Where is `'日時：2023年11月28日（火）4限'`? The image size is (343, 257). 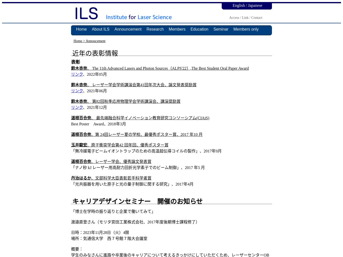
'日時：2023年11月28日（火）4限' is located at coordinates (100, 232).